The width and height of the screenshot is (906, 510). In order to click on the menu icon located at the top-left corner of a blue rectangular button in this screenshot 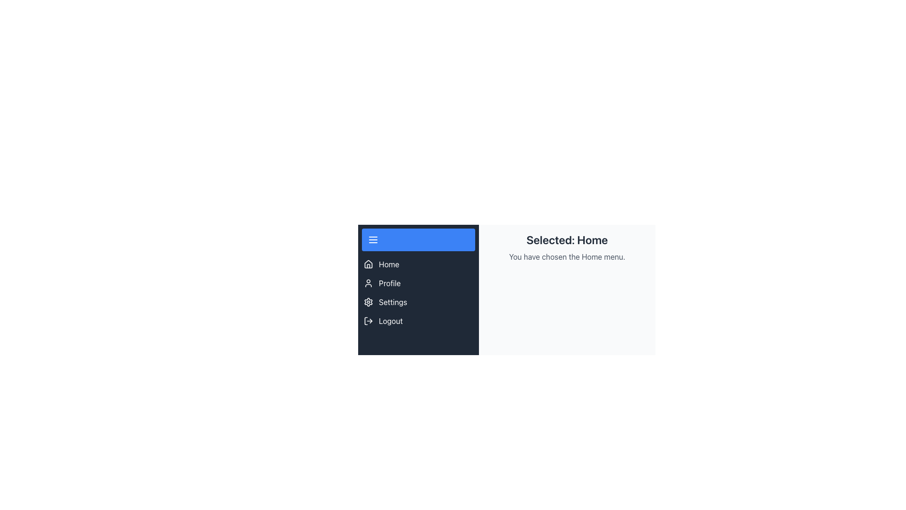, I will do `click(373, 239)`.